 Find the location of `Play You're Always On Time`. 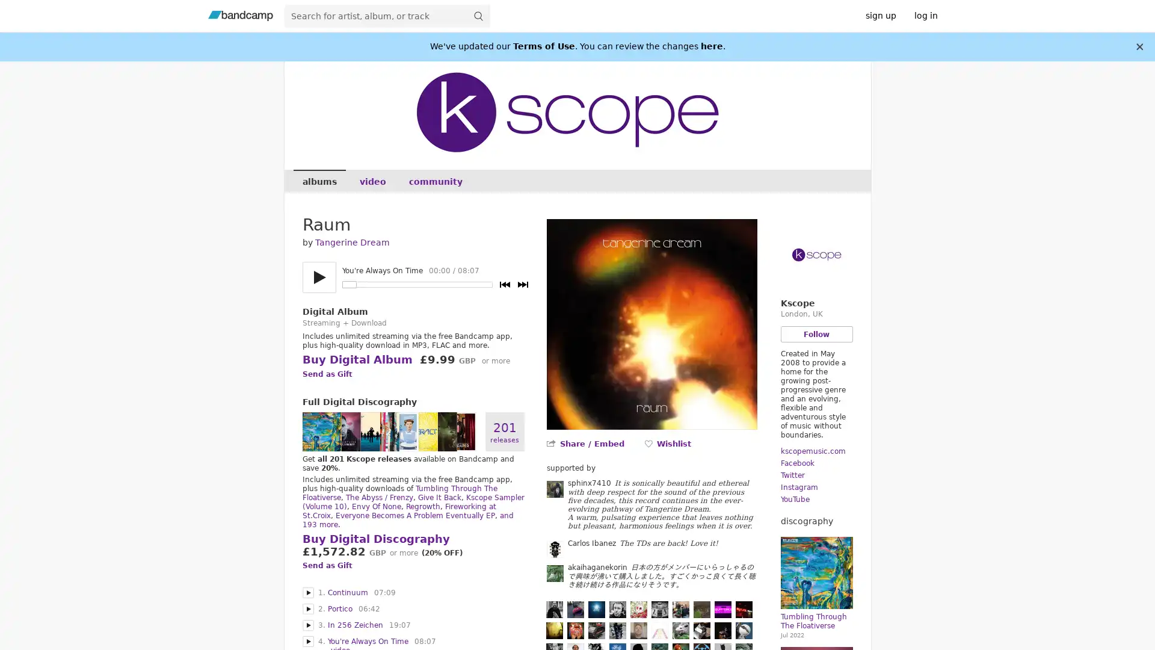

Play You're Always On Time is located at coordinates (307, 640).